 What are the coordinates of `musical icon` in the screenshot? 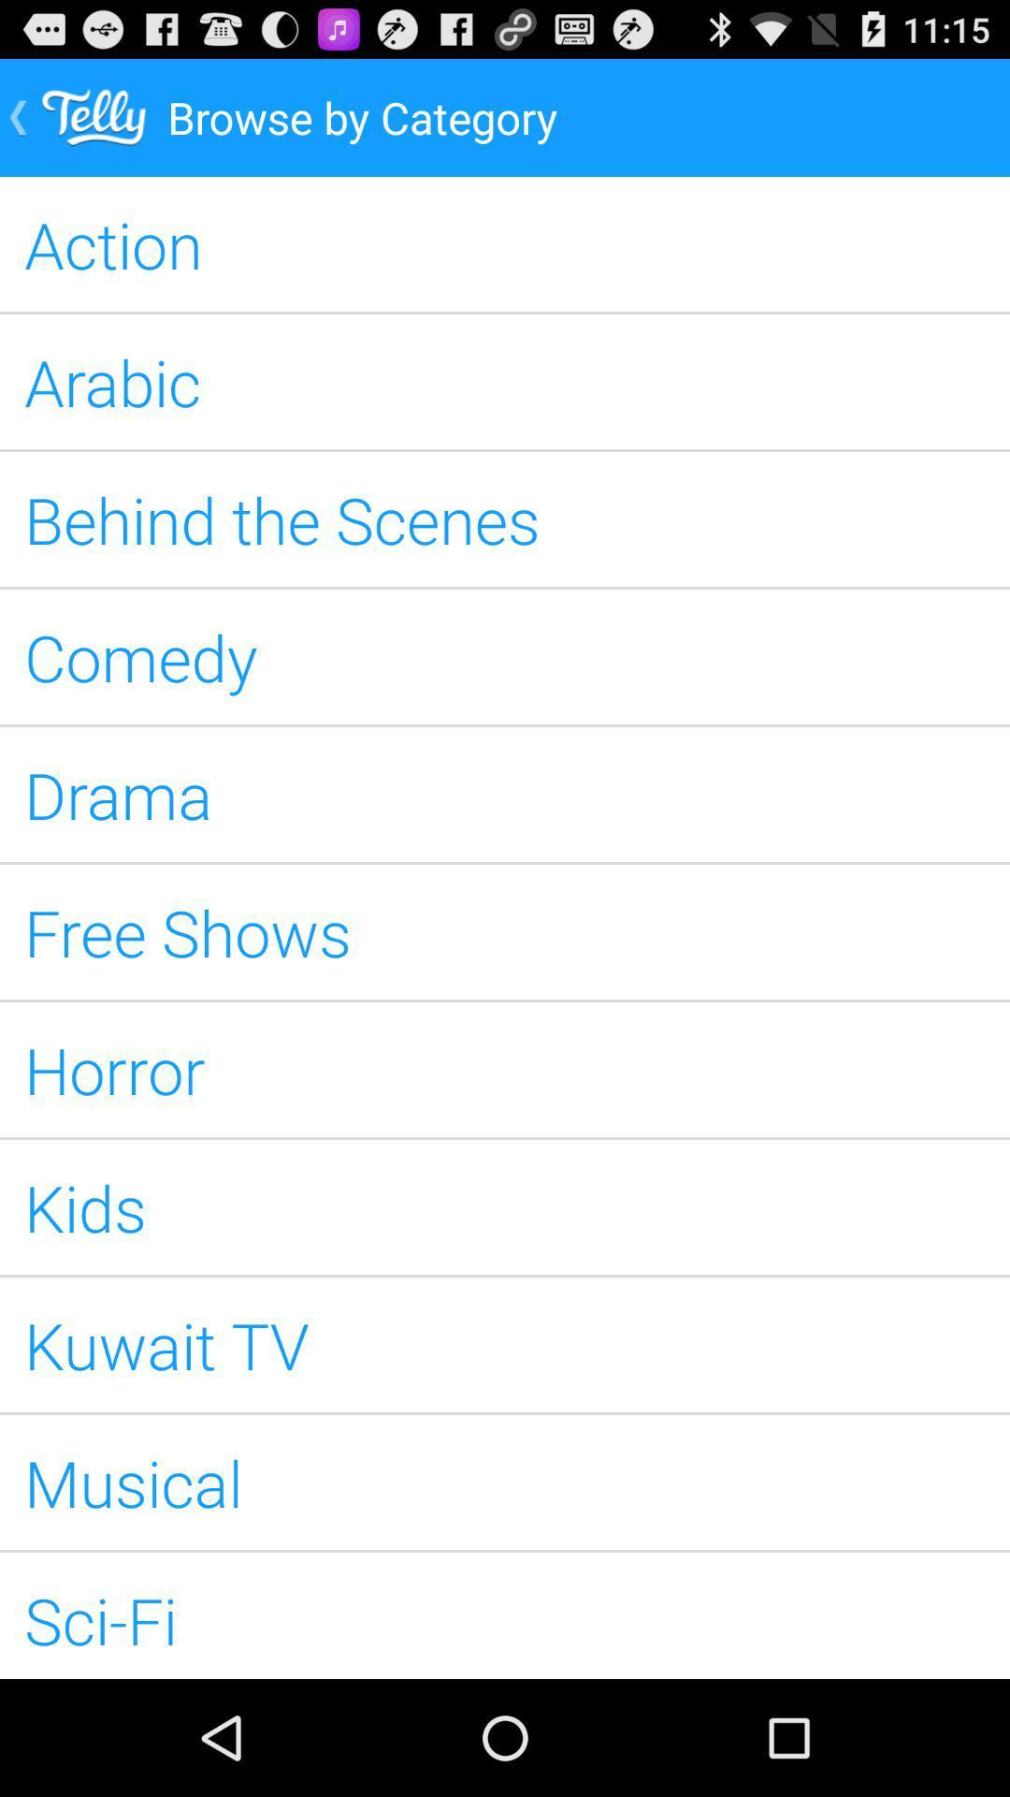 It's located at (505, 1482).